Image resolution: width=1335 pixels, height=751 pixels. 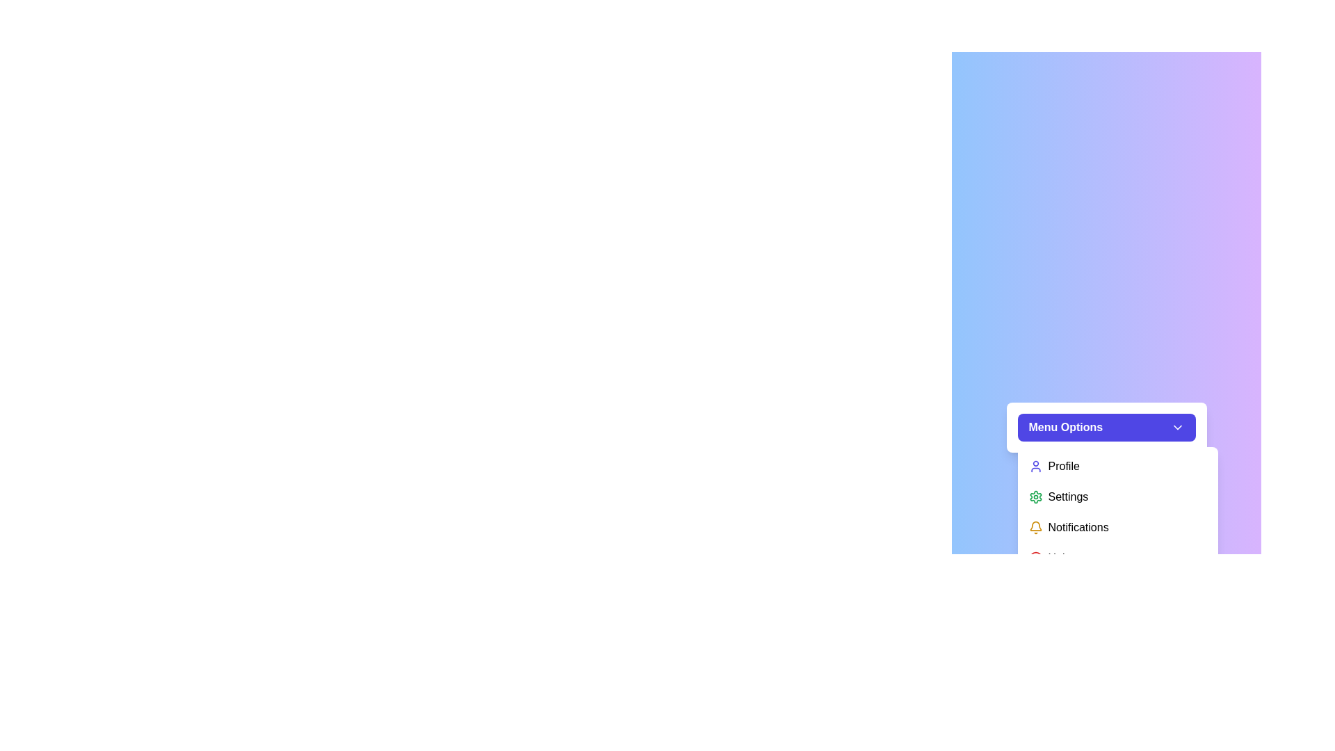 I want to click on the 'Notifications' menu item, which is the third item in the vertical list of menu options, so click(x=1117, y=512).